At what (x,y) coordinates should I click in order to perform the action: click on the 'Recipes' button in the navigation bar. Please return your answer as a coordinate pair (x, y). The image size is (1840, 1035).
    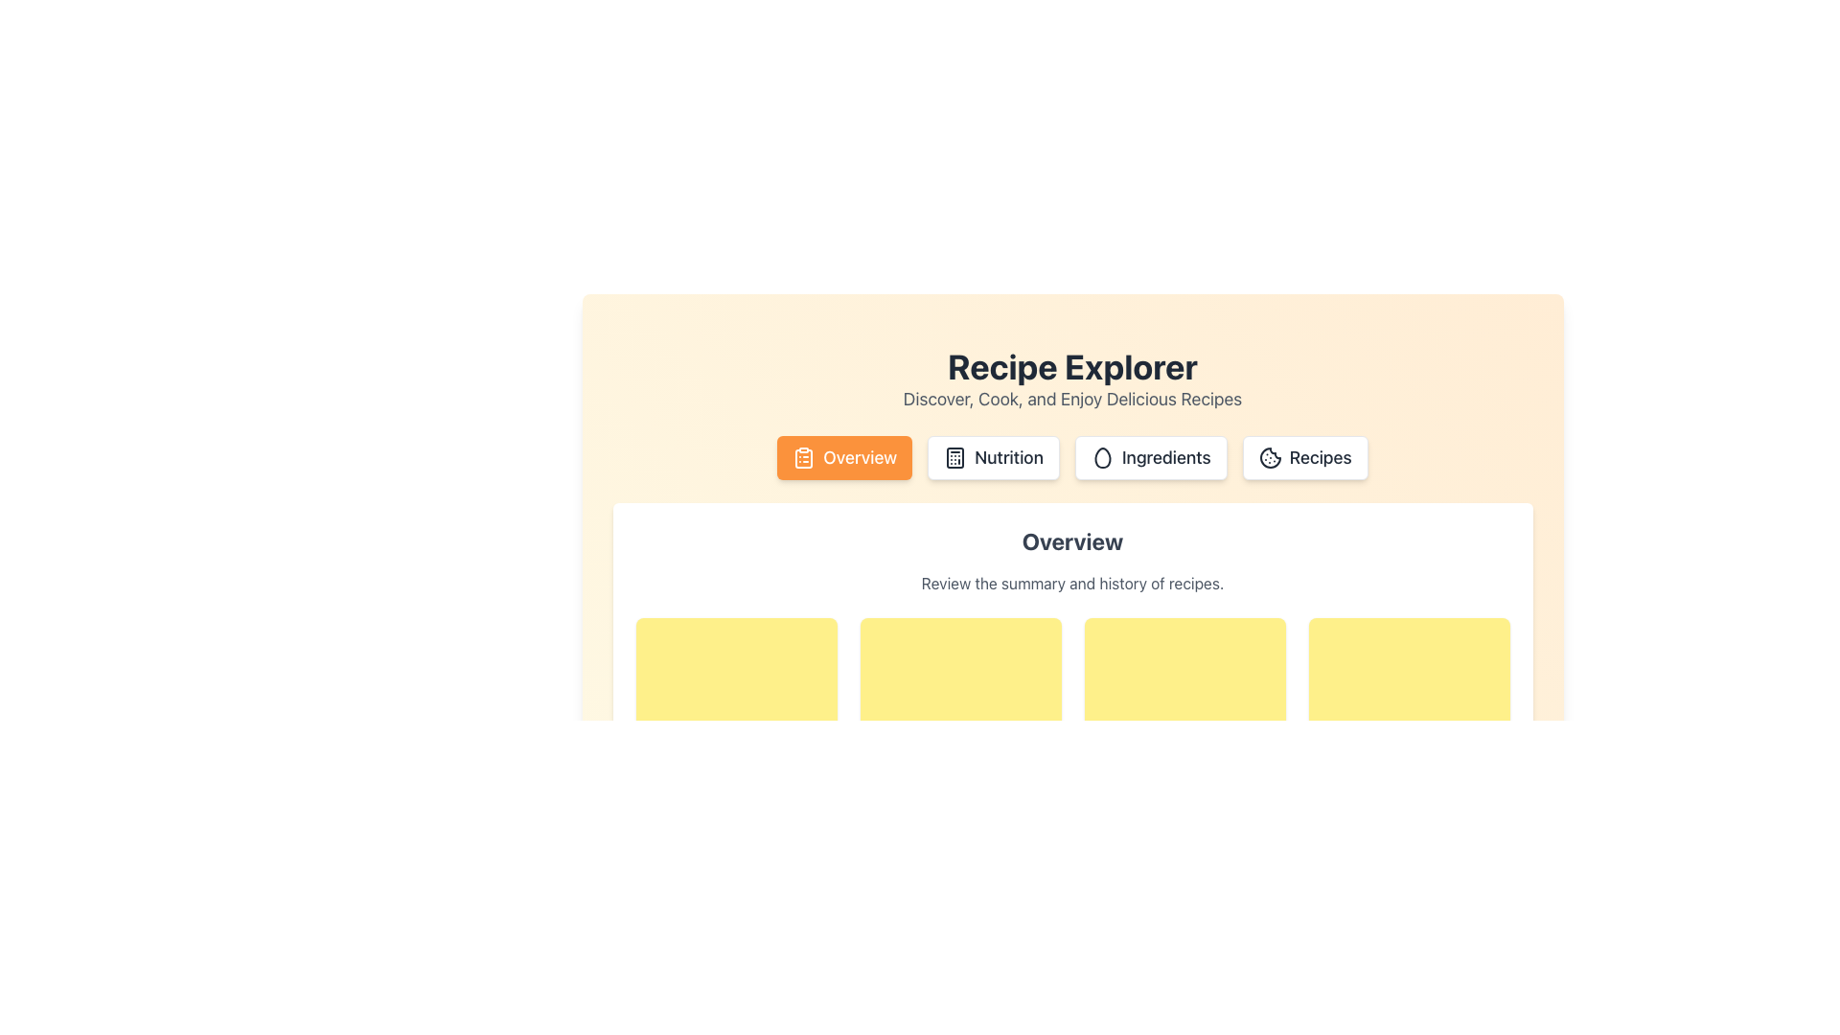
    Looking at the image, I should click on (1304, 458).